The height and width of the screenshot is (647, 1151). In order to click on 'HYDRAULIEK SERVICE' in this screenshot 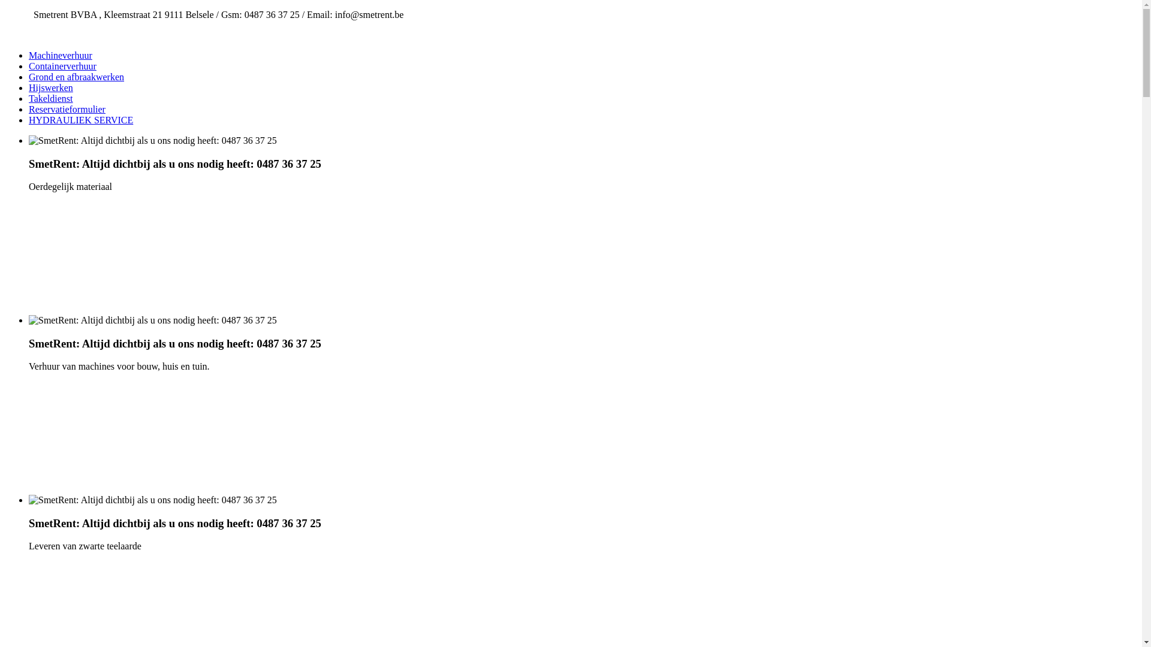, I will do `click(80, 120)`.